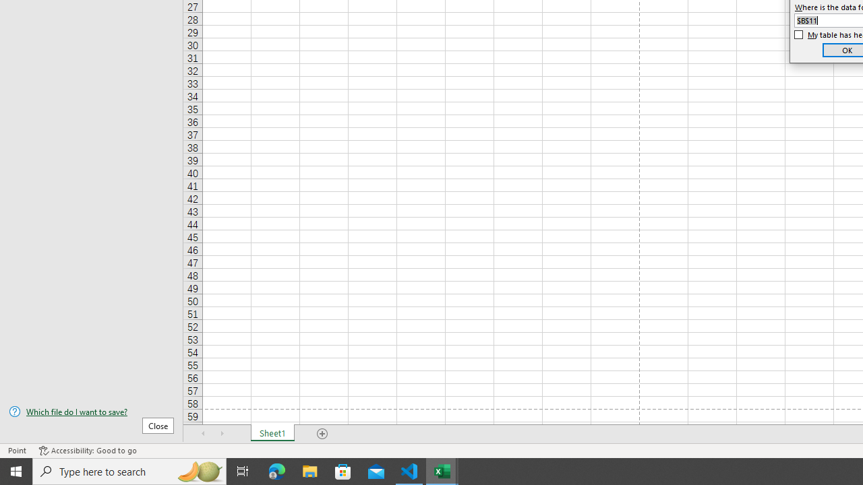  What do you see at coordinates (198, 470) in the screenshot?
I see `'Search highlights icon opens search home window'` at bounding box center [198, 470].